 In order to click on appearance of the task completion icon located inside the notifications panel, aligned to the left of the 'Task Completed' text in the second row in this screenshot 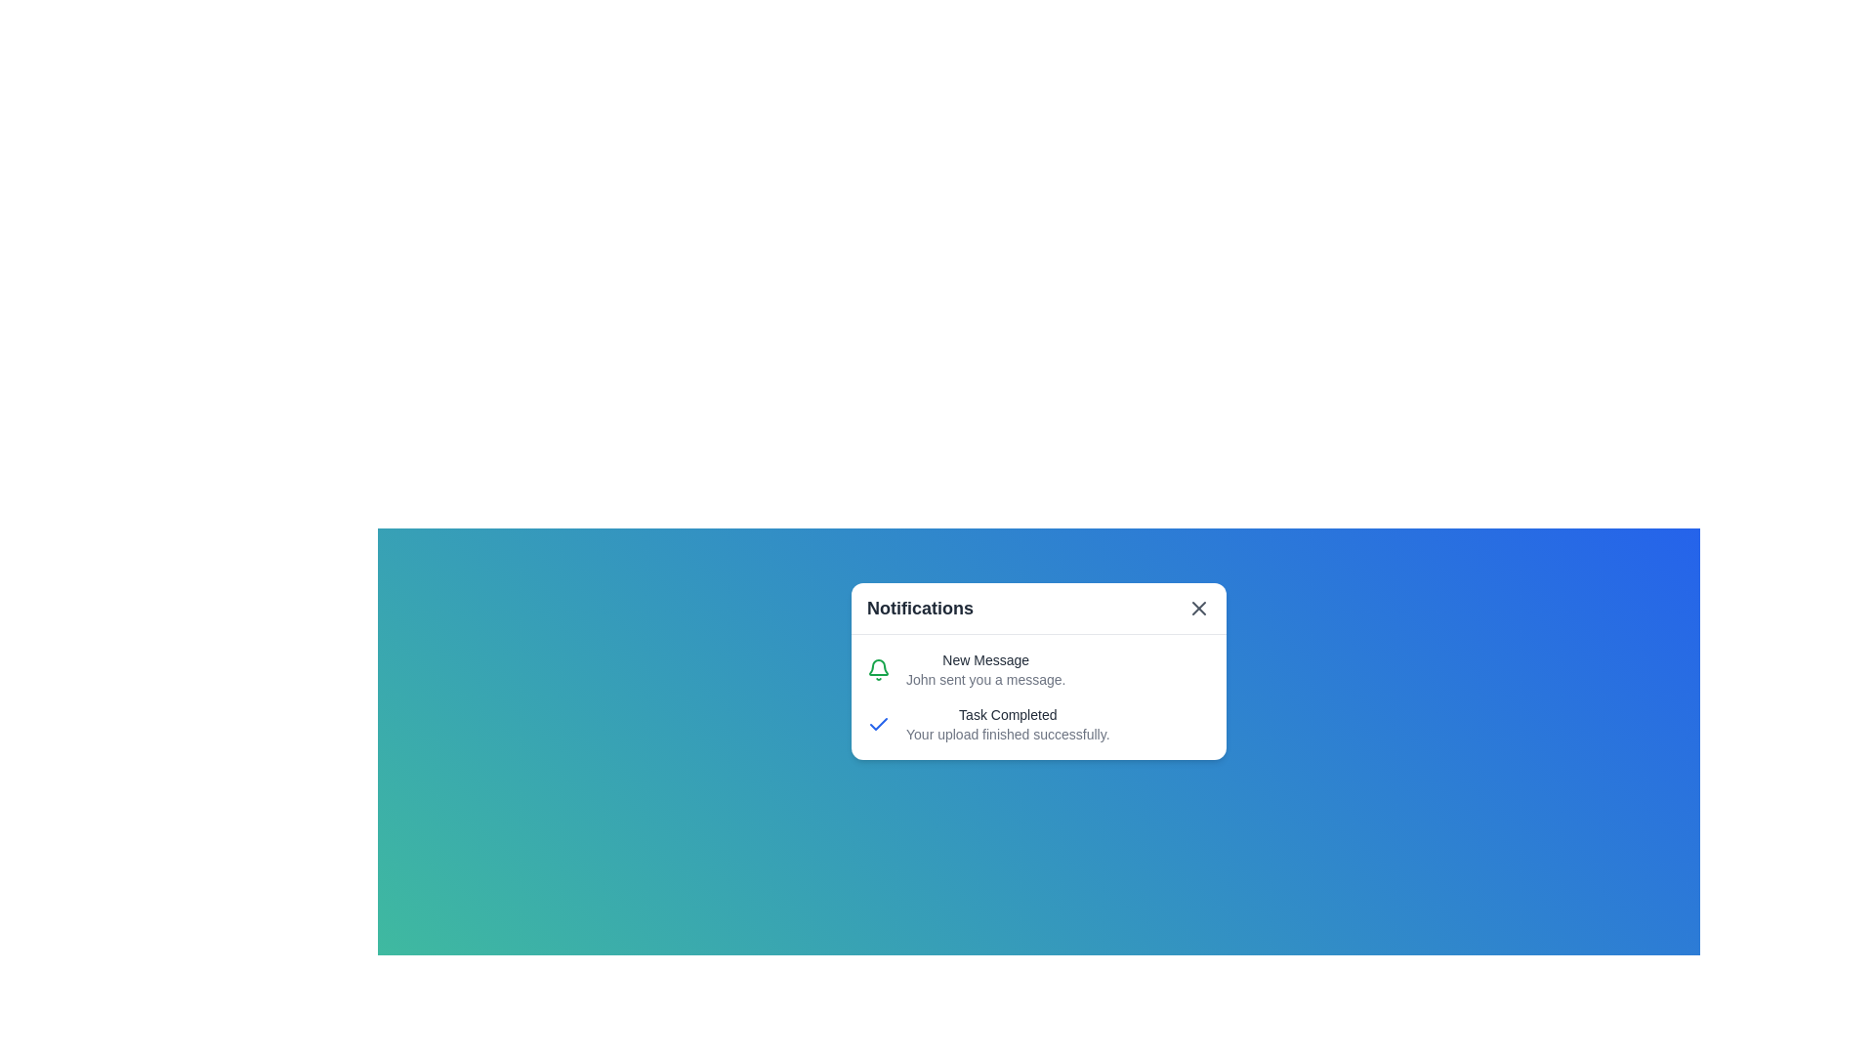, I will do `click(878, 723)`.